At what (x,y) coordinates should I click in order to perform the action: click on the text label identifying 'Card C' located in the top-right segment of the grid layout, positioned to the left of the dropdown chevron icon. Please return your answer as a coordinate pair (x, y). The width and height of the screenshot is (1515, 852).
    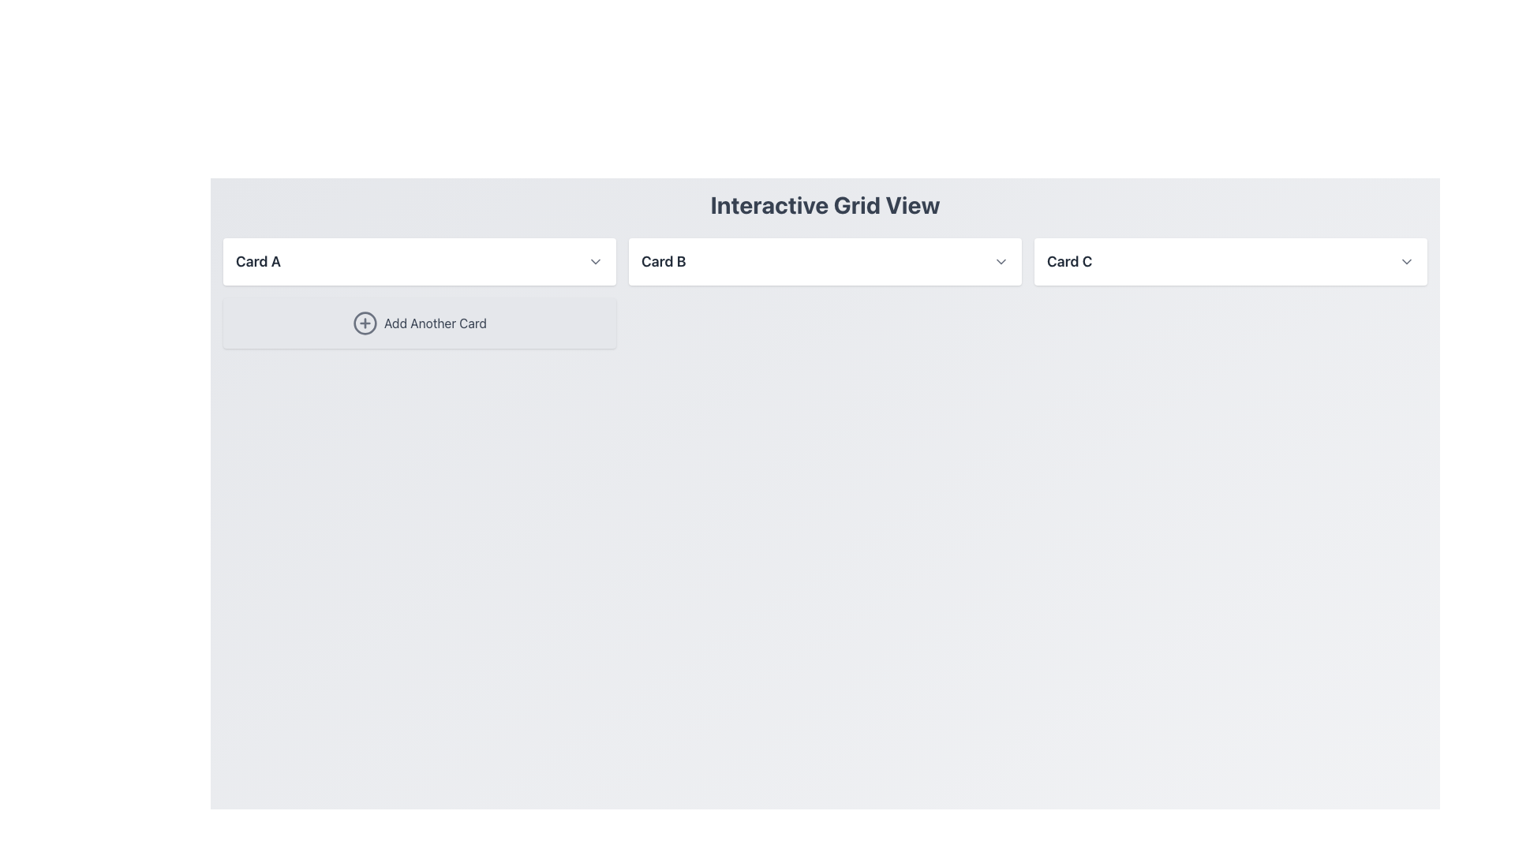
    Looking at the image, I should click on (1069, 260).